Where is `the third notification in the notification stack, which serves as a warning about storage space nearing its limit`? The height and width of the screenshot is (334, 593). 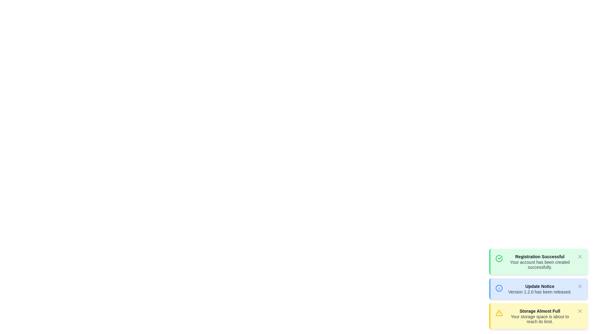
the third notification in the notification stack, which serves as a warning about storage space nearing its limit is located at coordinates (538, 316).